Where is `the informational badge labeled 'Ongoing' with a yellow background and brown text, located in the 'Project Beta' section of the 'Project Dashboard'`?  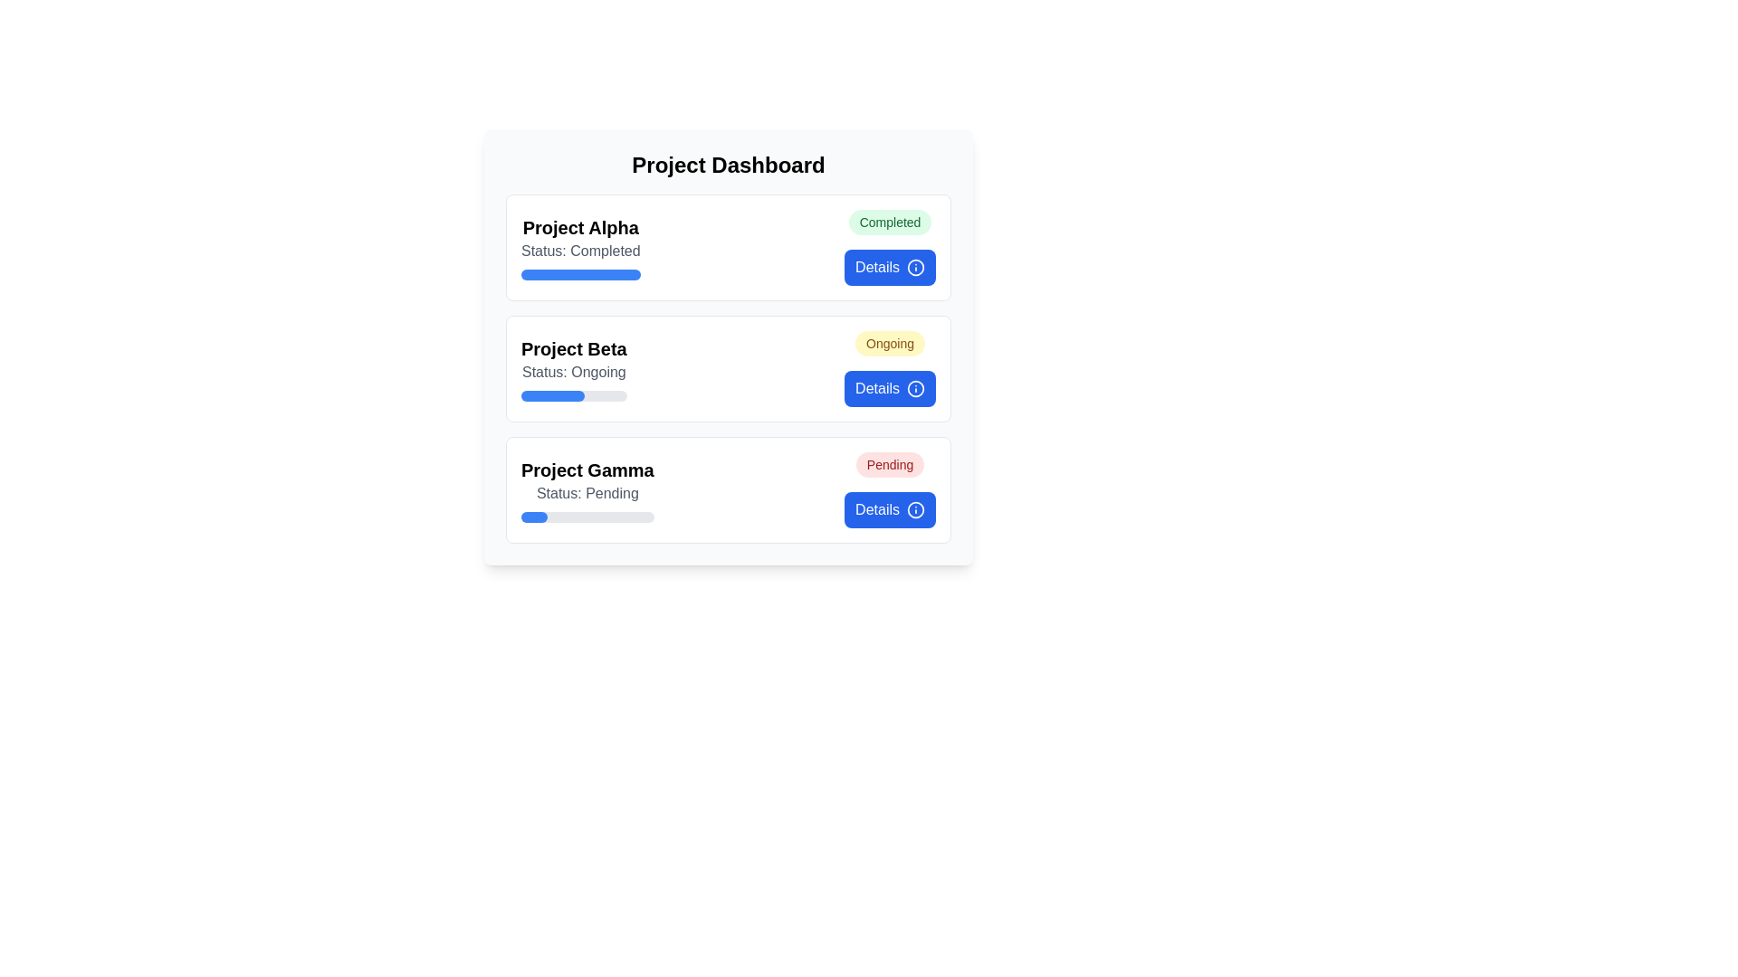 the informational badge labeled 'Ongoing' with a yellow background and brown text, located in the 'Project Beta' section of the 'Project Dashboard' is located at coordinates (890, 344).